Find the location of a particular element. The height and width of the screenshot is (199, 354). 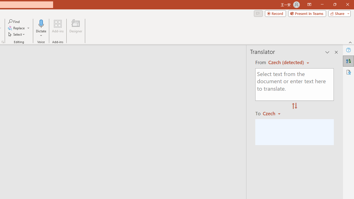

'Find...' is located at coordinates (14, 21).